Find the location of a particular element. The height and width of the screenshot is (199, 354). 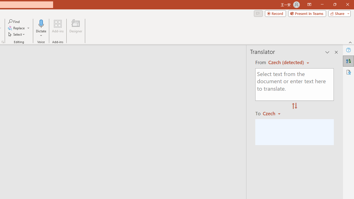

'Find...' is located at coordinates (14, 21).